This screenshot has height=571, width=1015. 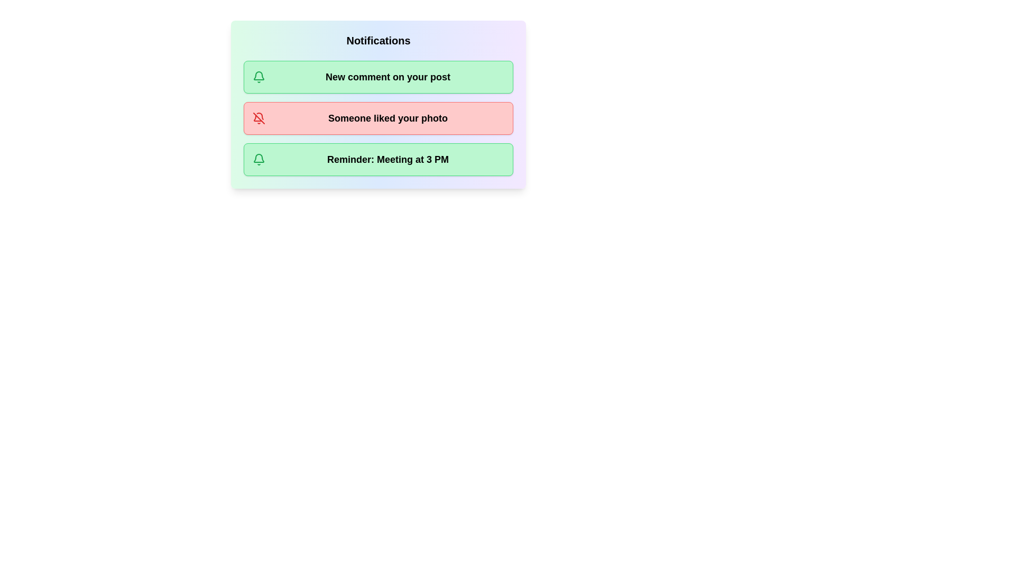 I want to click on the notification chip corresponding to New comment on your post, so click(x=378, y=77).